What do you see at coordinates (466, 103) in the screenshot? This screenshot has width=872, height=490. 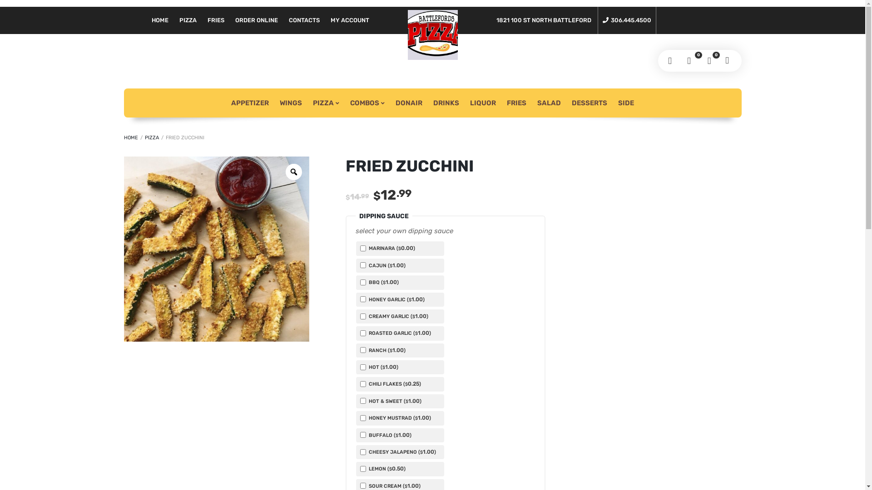 I see `'LIQUOR'` at bounding box center [466, 103].